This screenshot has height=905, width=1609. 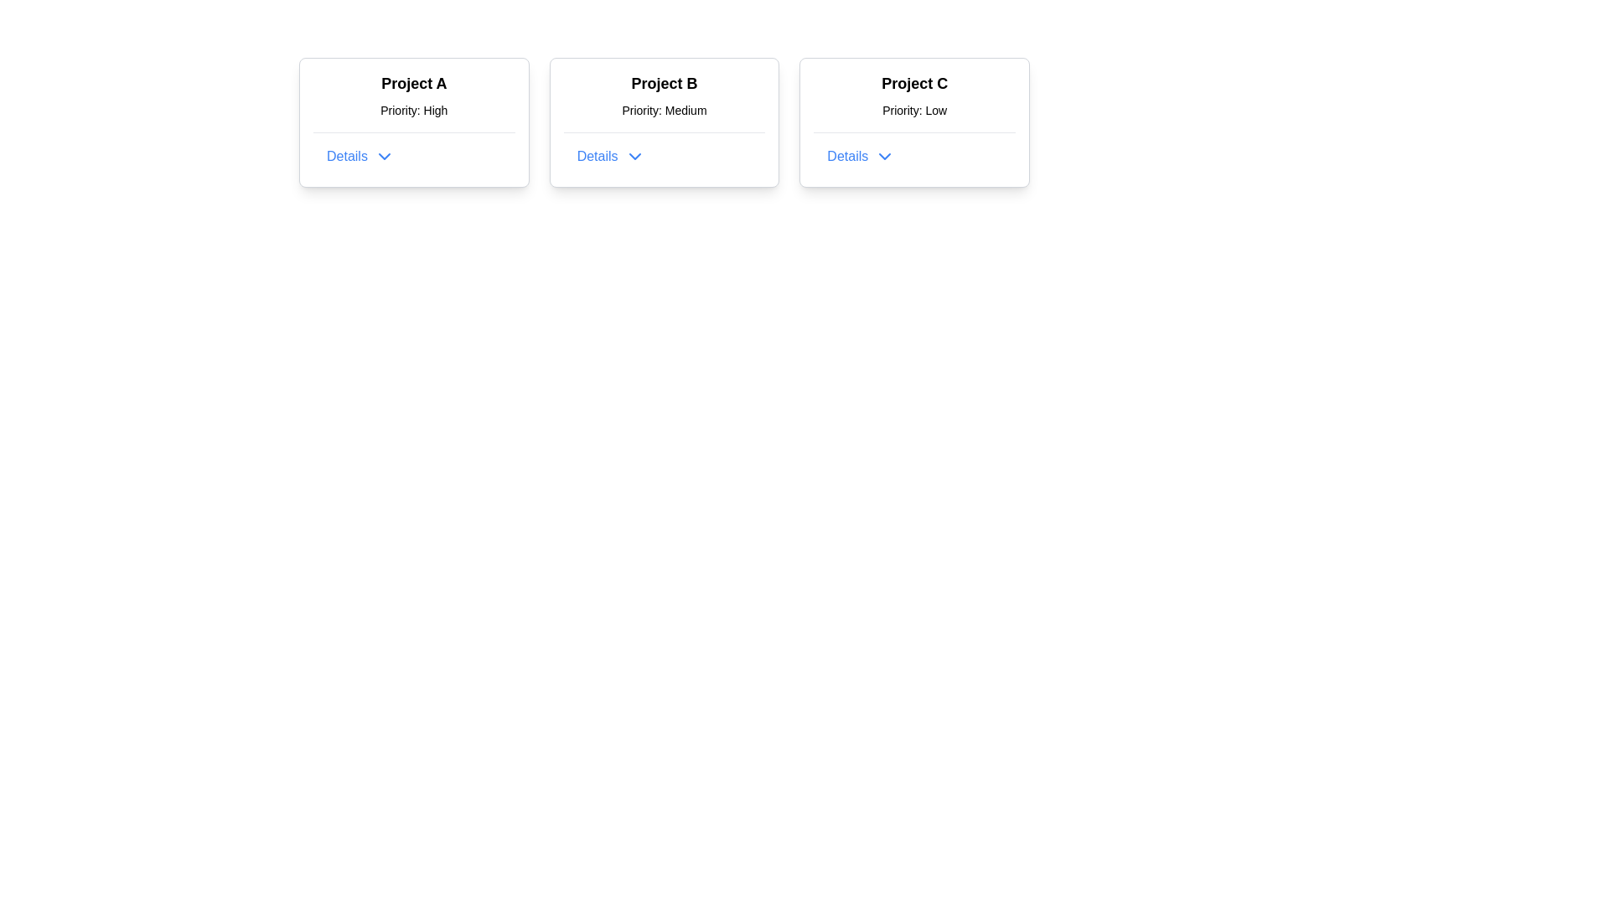 What do you see at coordinates (663, 110) in the screenshot?
I see `the text label that reads 'Priority: Medium', which is located below the header 'Project B' and above the 'Details' button in the center card of a three-card layout` at bounding box center [663, 110].